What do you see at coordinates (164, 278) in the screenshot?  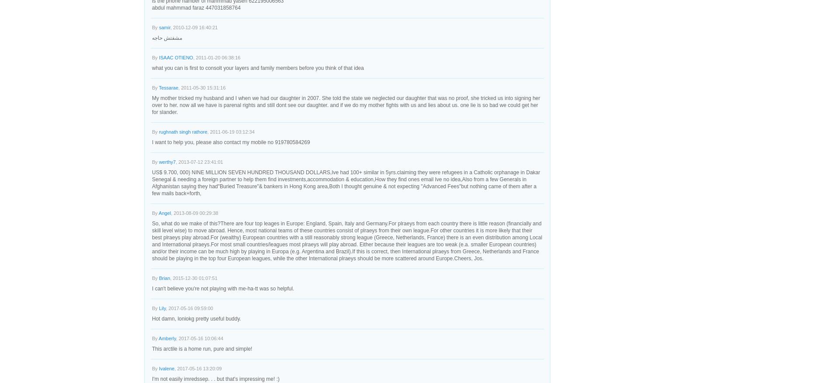 I see `'Brian'` at bounding box center [164, 278].